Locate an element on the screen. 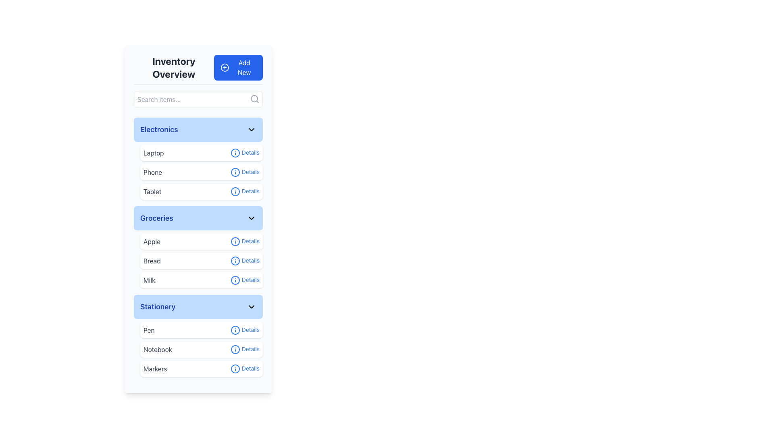 Image resolution: width=774 pixels, height=435 pixels. the circular SVG graphical element representing an icon, which is part of the information symbol next to the list item for 'Laptop' is located at coordinates (235, 153).